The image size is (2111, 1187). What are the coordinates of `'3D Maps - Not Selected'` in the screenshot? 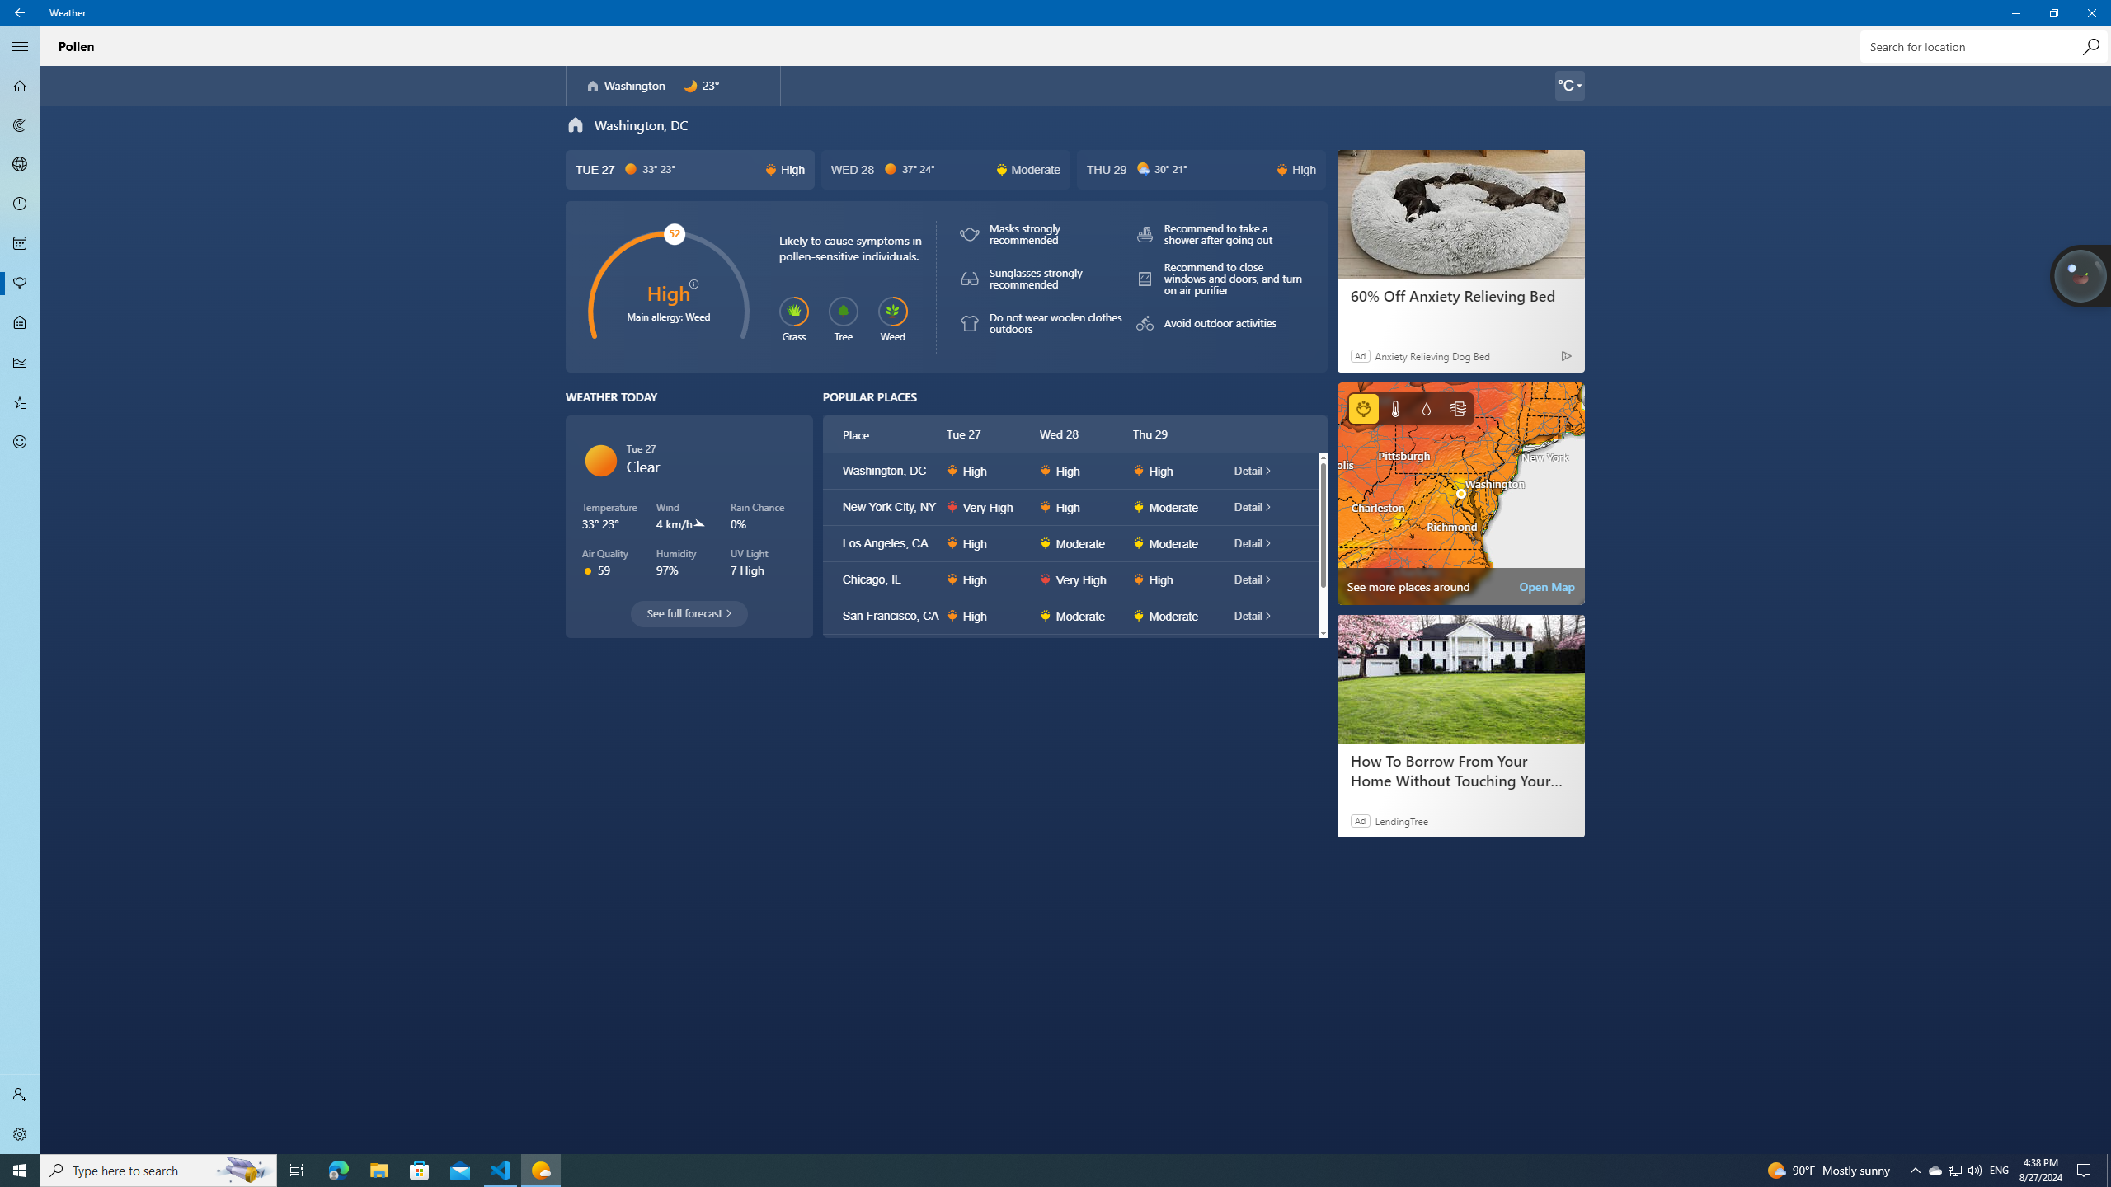 It's located at (20, 164).